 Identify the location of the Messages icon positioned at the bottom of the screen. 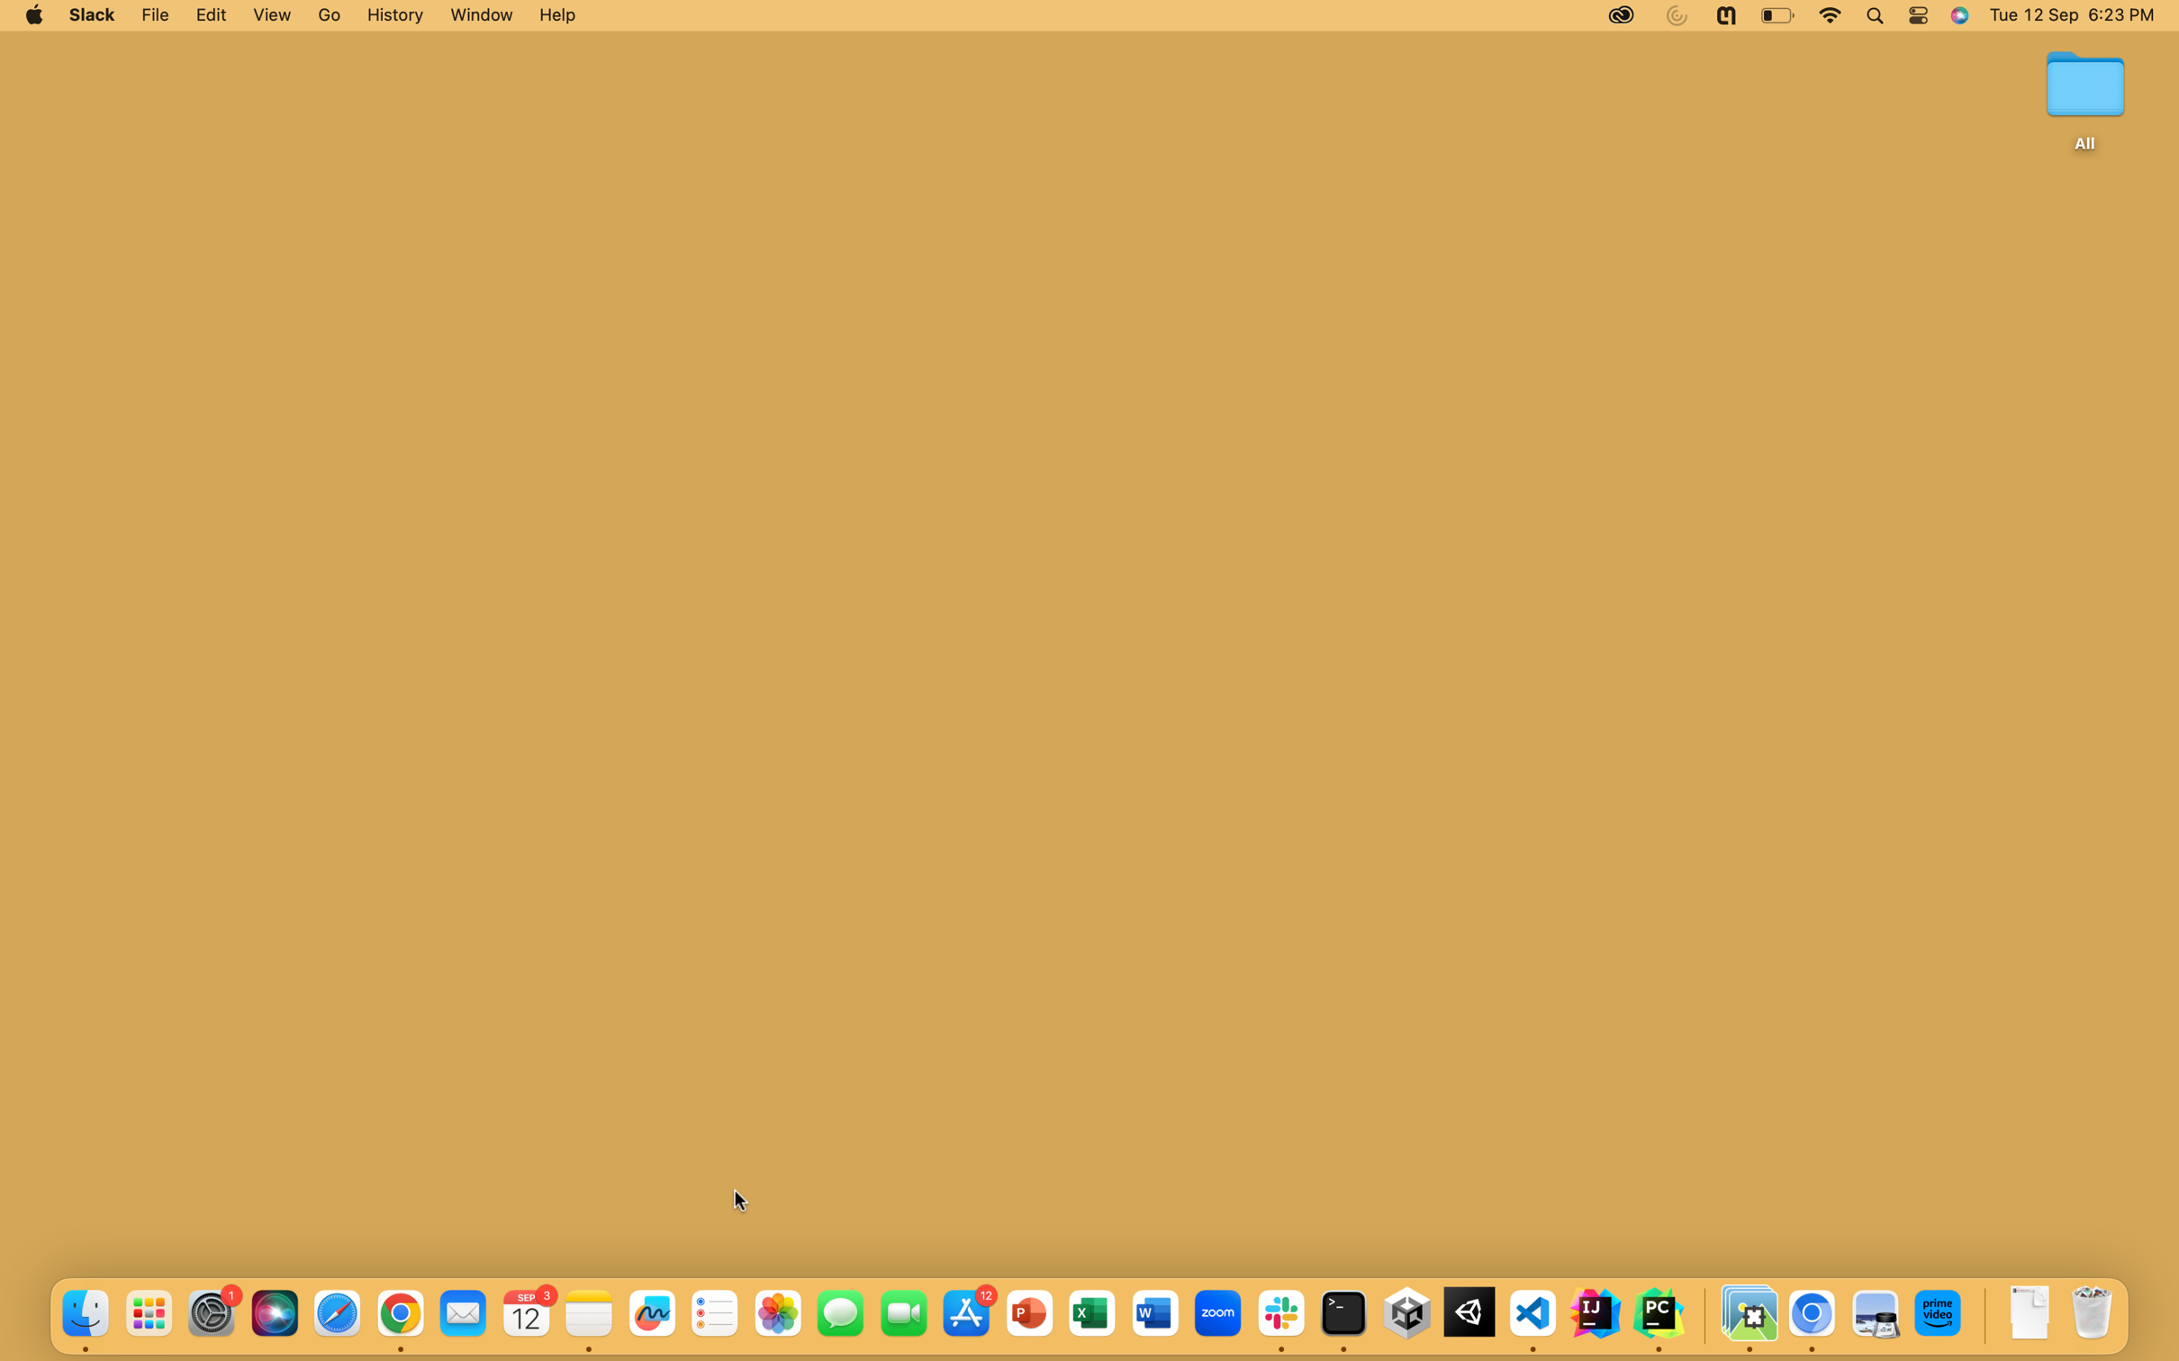
(838, 1312).